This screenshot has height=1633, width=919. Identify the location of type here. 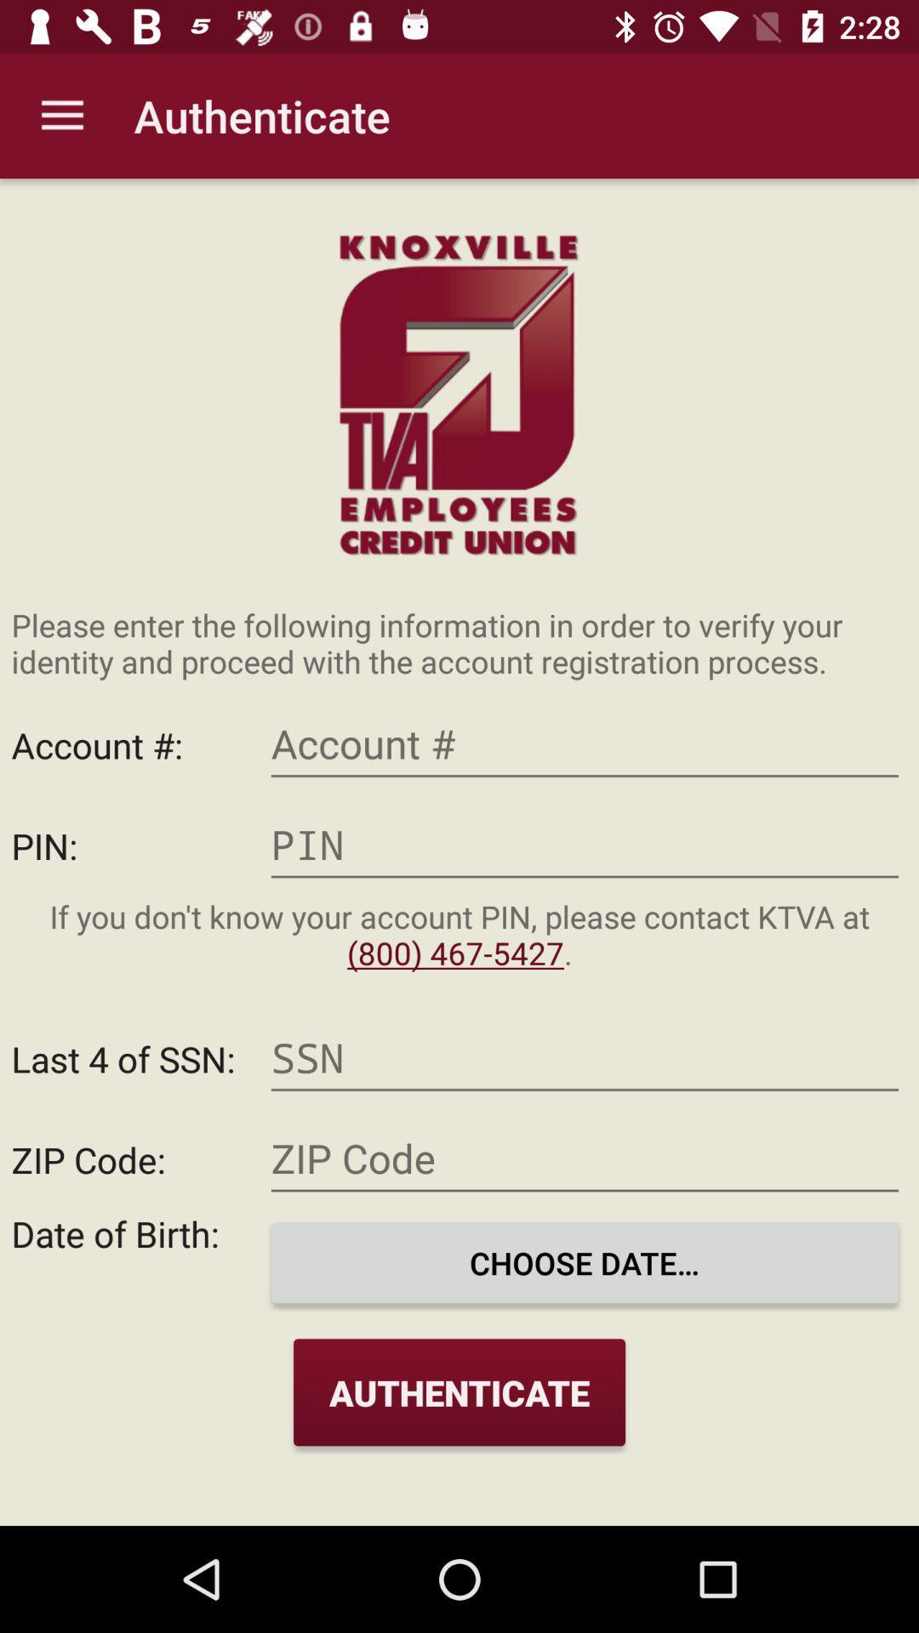
(584, 1158).